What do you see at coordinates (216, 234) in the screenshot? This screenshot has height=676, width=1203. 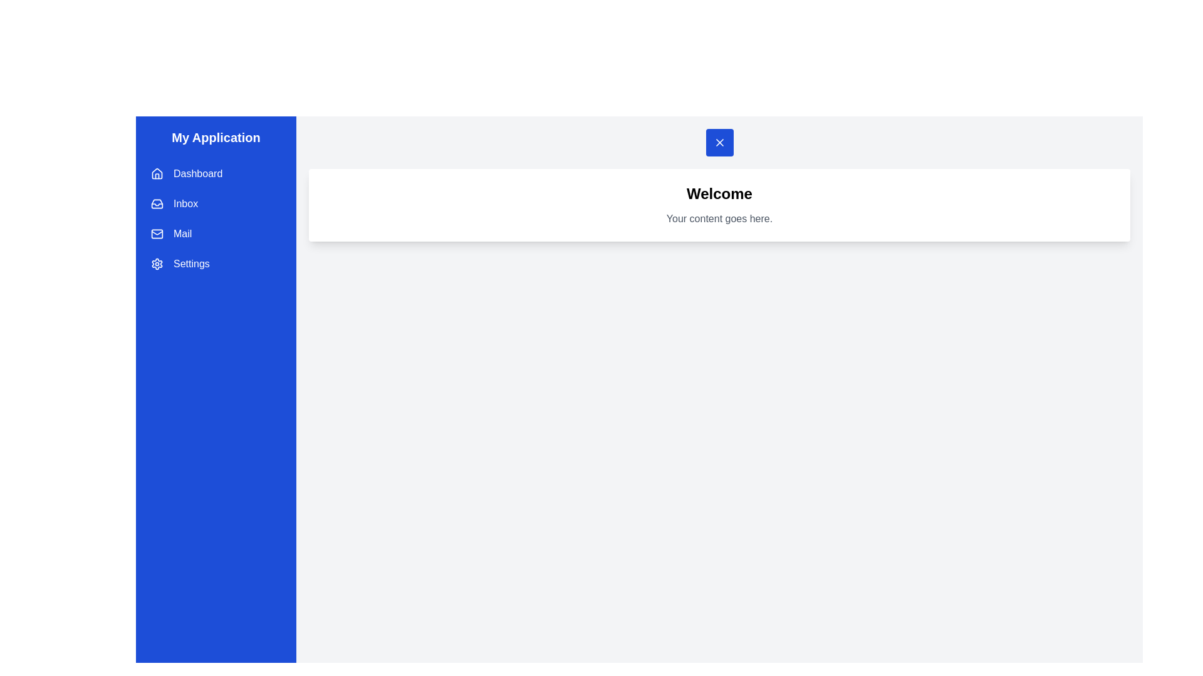 I see `the drawer menu item labeled Mail` at bounding box center [216, 234].